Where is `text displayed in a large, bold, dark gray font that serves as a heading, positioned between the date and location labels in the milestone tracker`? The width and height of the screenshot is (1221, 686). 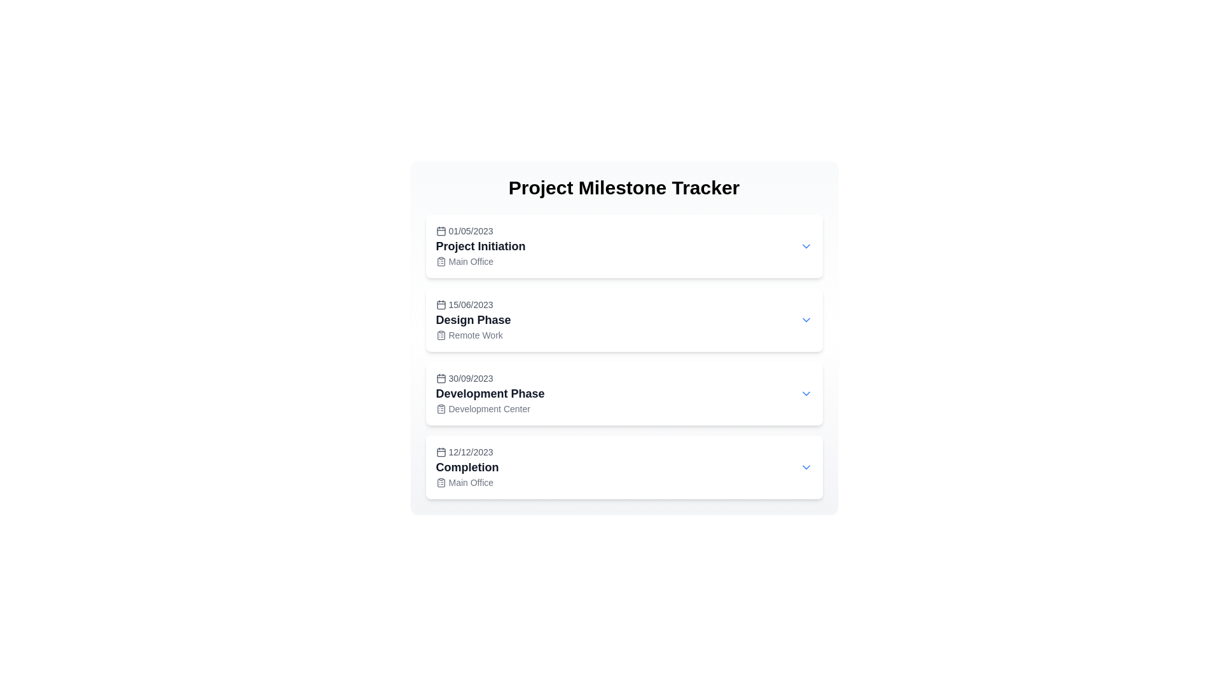
text displayed in a large, bold, dark gray font that serves as a heading, positioned between the date and location labels in the milestone tracker is located at coordinates (480, 246).